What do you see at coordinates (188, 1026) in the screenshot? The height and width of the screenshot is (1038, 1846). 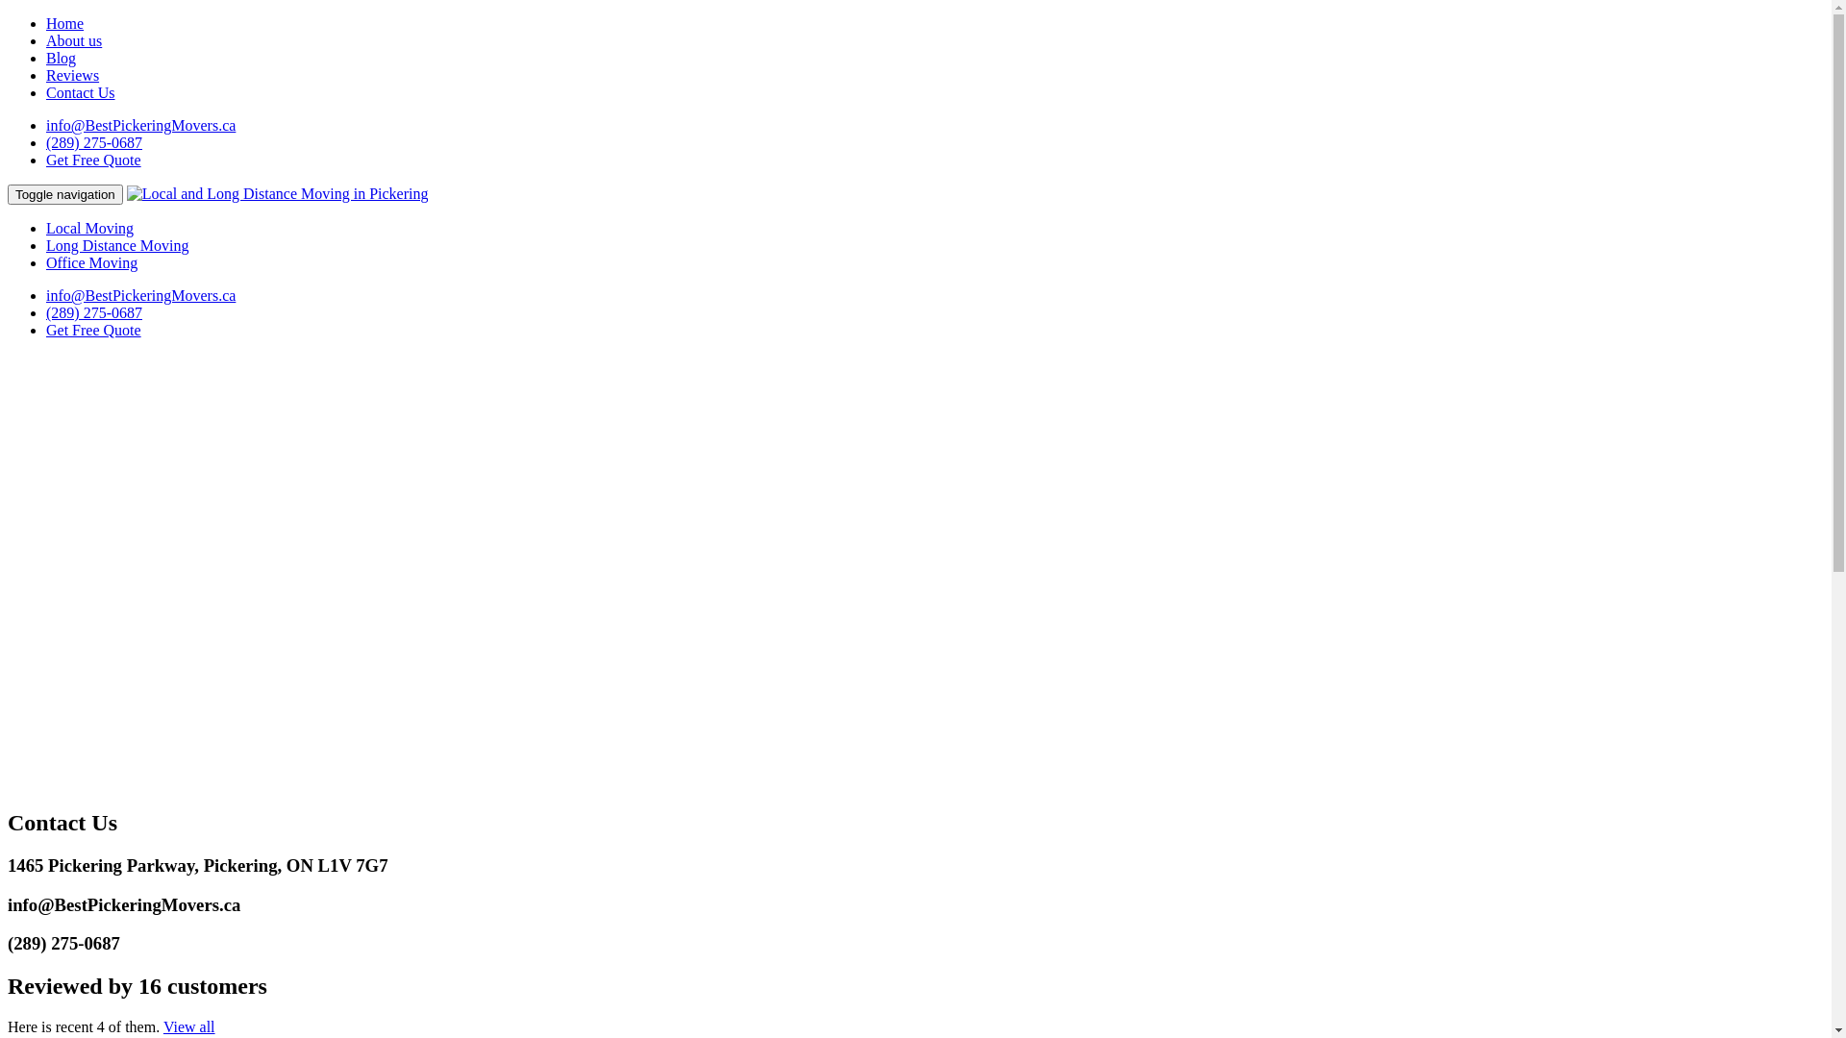 I see `'View all'` at bounding box center [188, 1026].